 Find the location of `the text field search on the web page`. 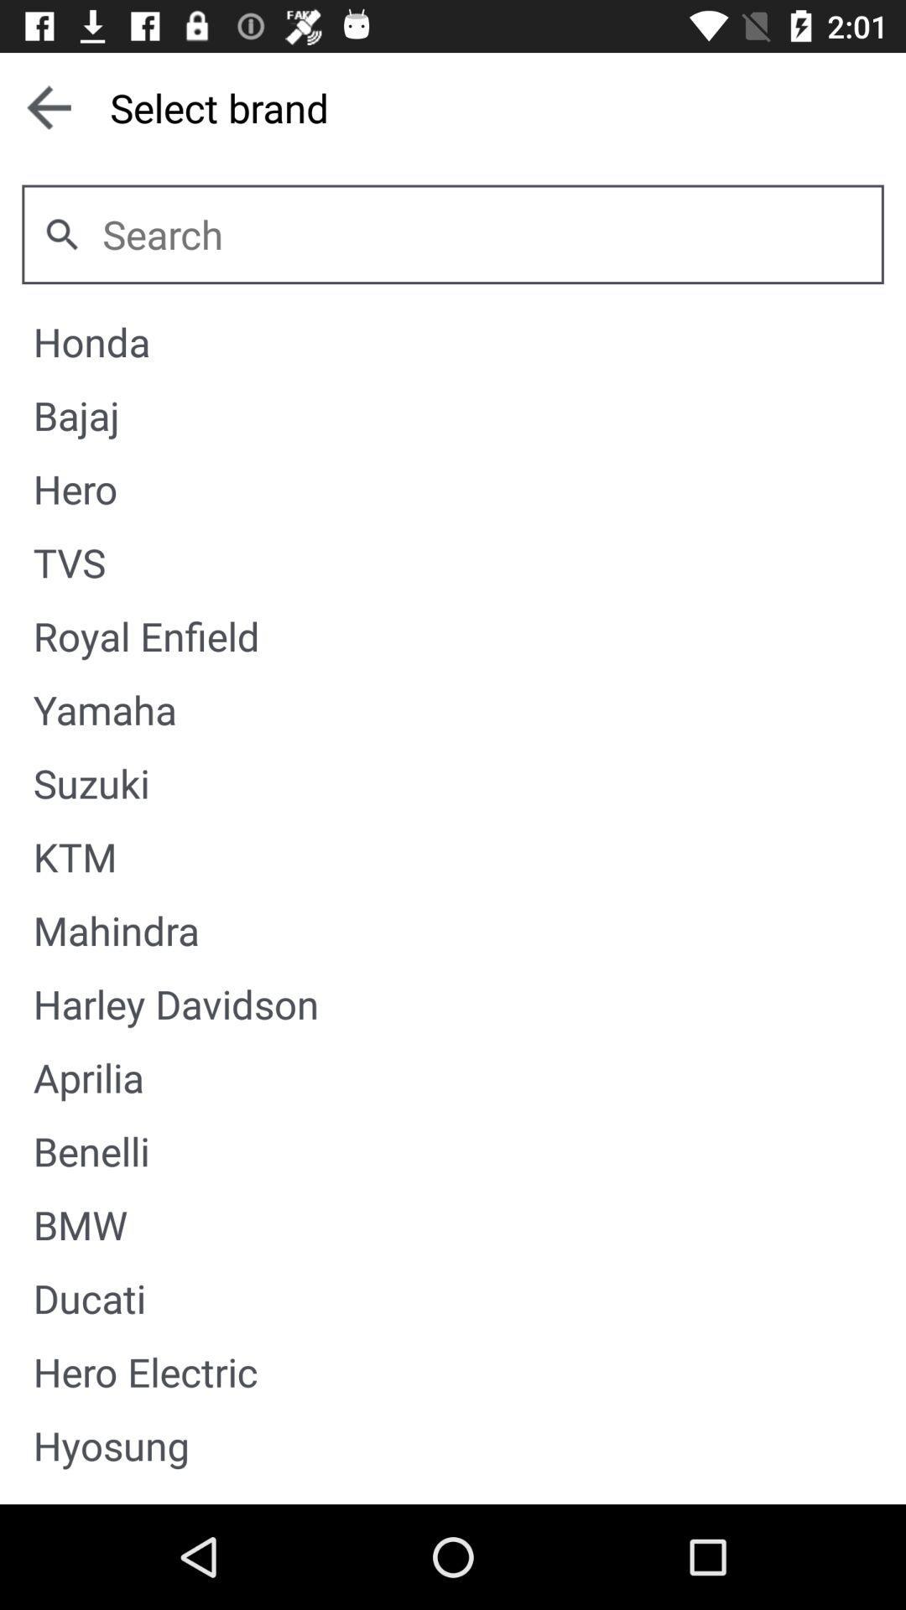

the text field search on the web page is located at coordinates (482, 233).